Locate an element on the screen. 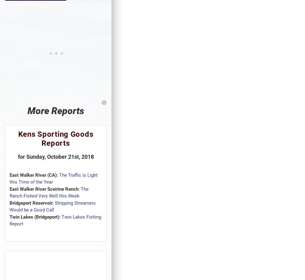 This screenshot has width=305, height=280. 'East Walker River Sceirine Ranch:' is located at coordinates (45, 189).